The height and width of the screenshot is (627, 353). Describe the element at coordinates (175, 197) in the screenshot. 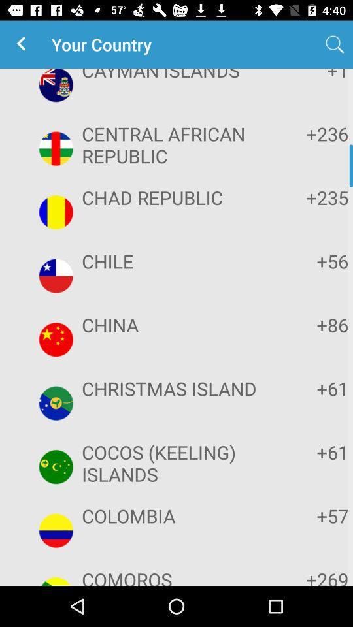

I see `the chad republic icon` at that location.